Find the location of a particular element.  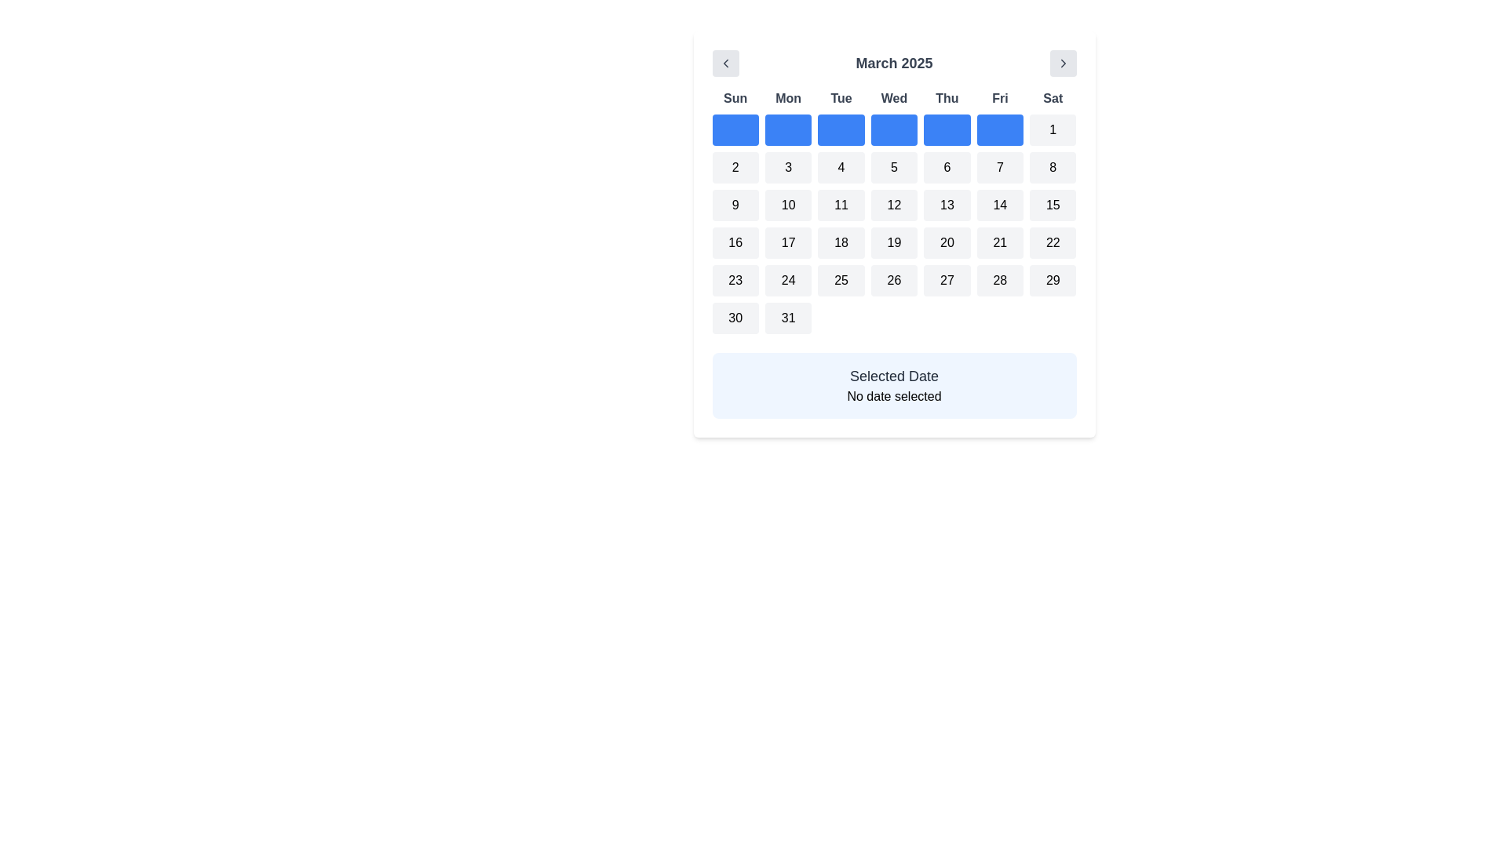

the date selector button for March 1, 2025, located under the 'Sat' column in the calendar interface is located at coordinates (1053, 129).